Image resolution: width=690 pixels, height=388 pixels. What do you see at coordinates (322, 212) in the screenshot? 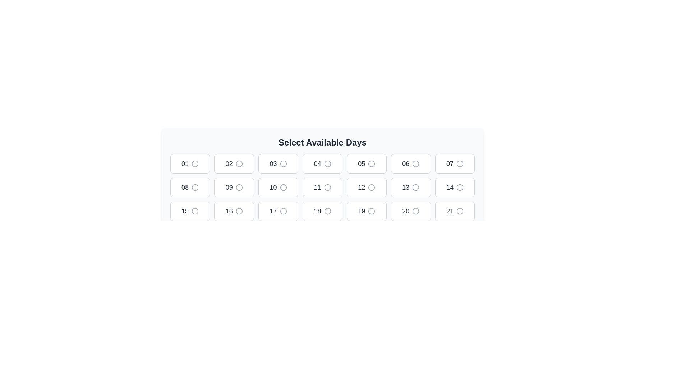
I see `the bold text heading labeled 'Select Available Days', which is centrally positioned at the top of a section above a grid of interactable elements` at bounding box center [322, 212].